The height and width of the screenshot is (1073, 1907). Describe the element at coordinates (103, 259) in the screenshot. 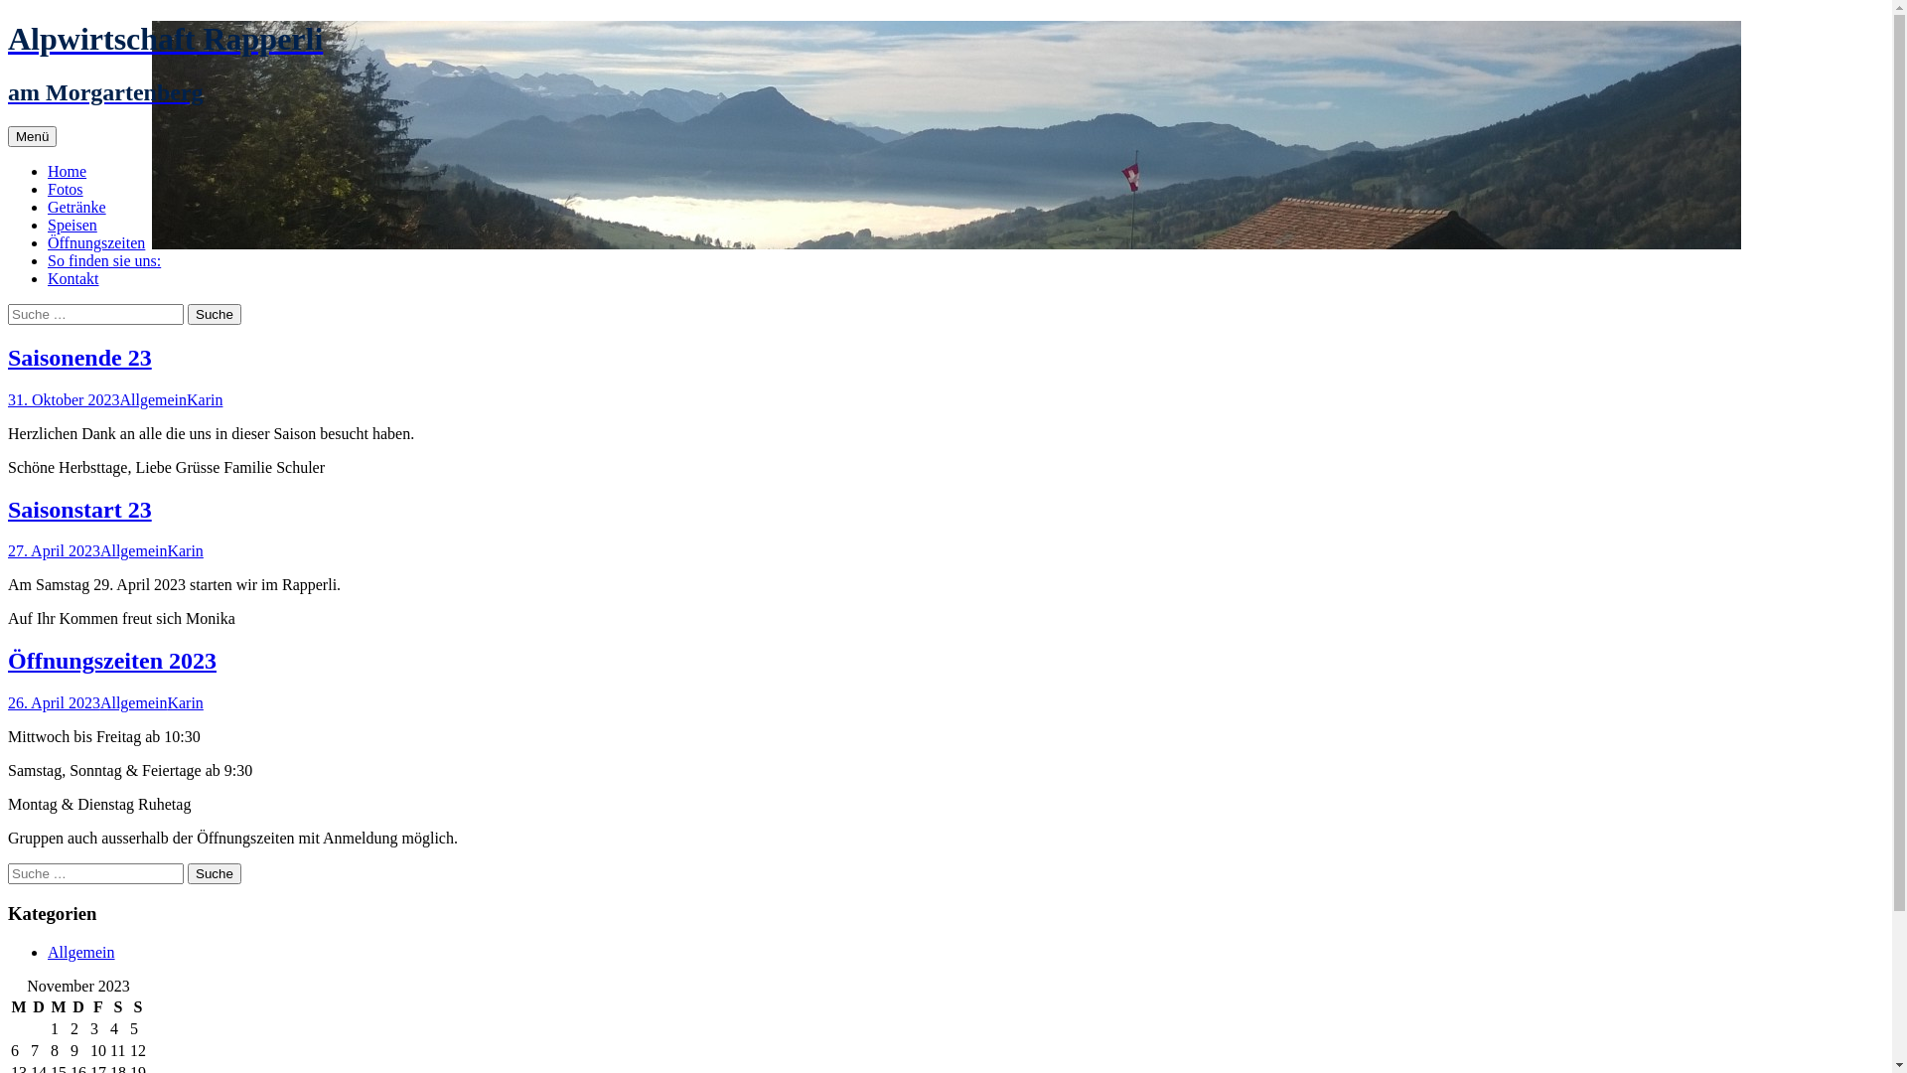

I see `'So finden sie uns:'` at that location.